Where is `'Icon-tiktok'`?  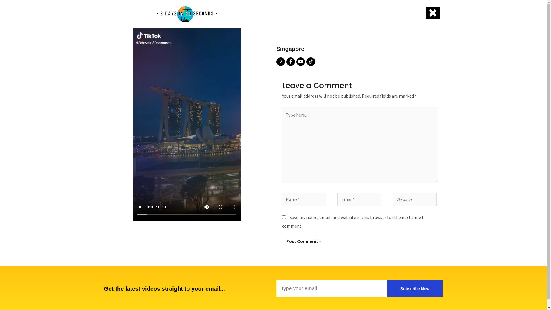
'Icon-tiktok' is located at coordinates (311, 62).